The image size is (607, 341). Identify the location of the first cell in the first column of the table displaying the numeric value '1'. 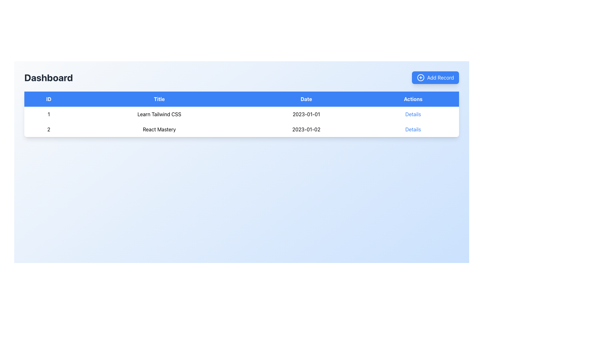
(48, 114).